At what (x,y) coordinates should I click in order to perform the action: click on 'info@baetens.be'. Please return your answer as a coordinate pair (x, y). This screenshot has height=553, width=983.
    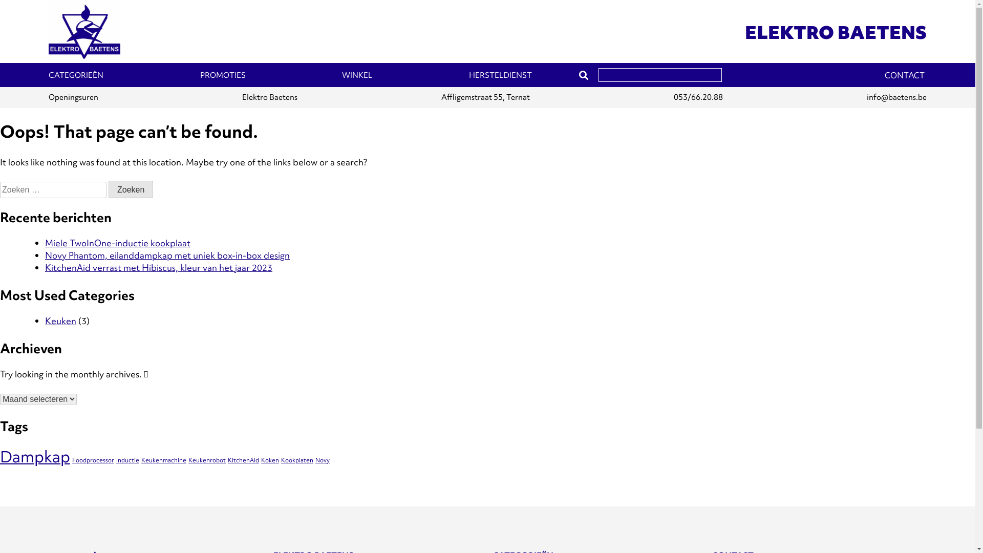
    Looking at the image, I should click on (896, 97).